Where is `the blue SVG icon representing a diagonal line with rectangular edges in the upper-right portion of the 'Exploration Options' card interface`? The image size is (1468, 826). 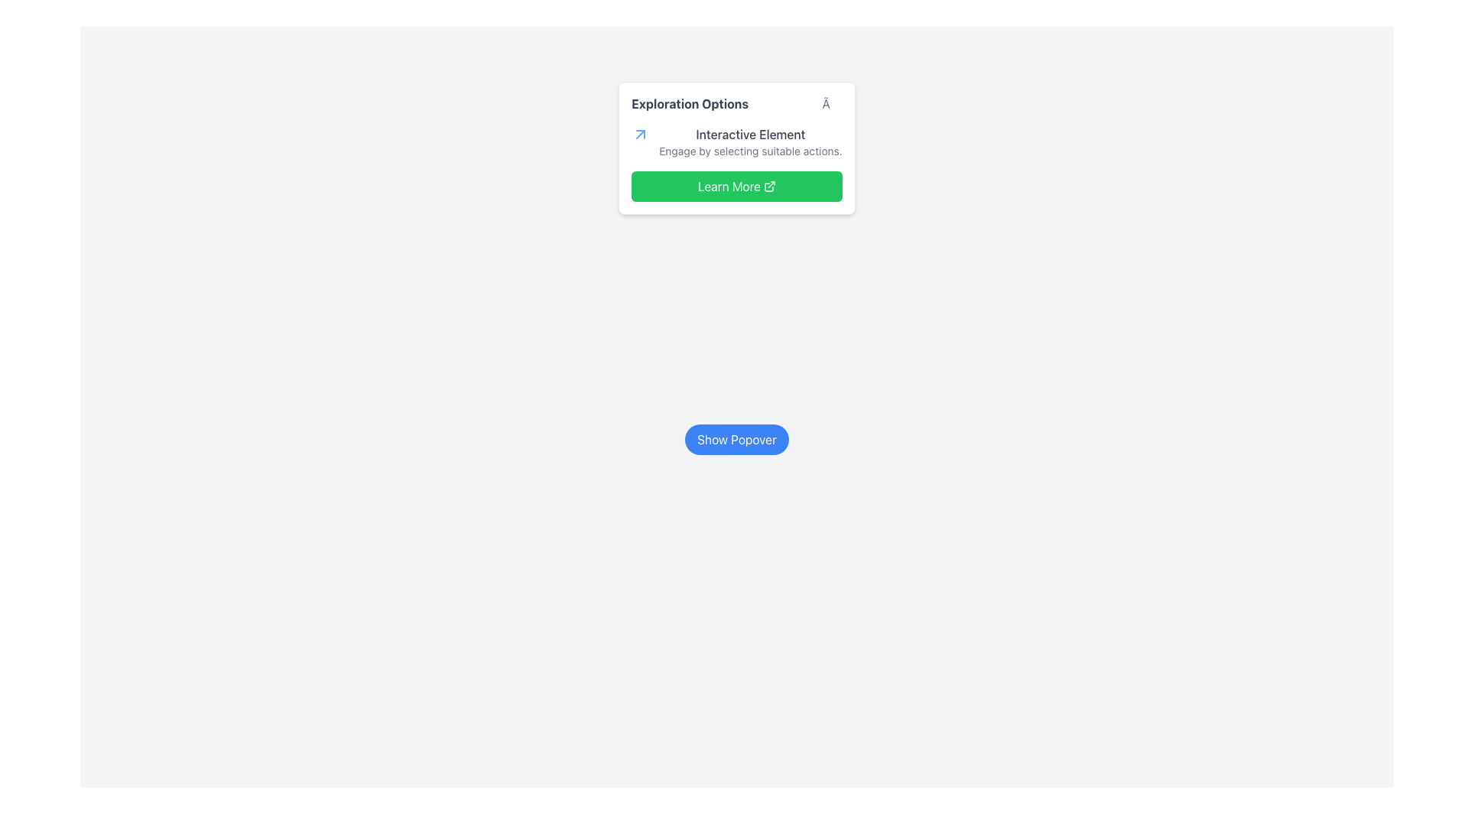 the blue SVG icon representing a diagonal line with rectangular edges in the upper-right portion of the 'Exploration Options' card interface is located at coordinates (641, 134).